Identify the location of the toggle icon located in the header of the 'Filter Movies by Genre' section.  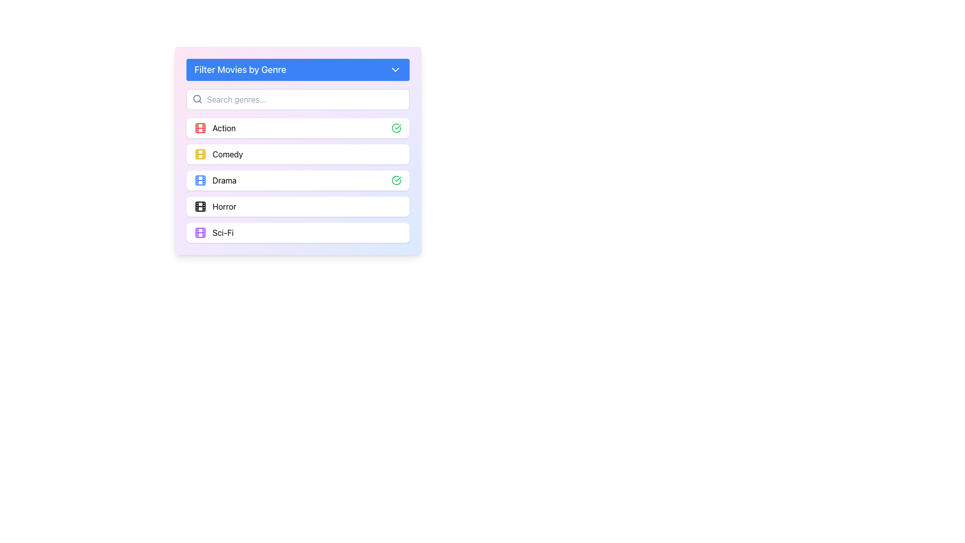
(395, 69).